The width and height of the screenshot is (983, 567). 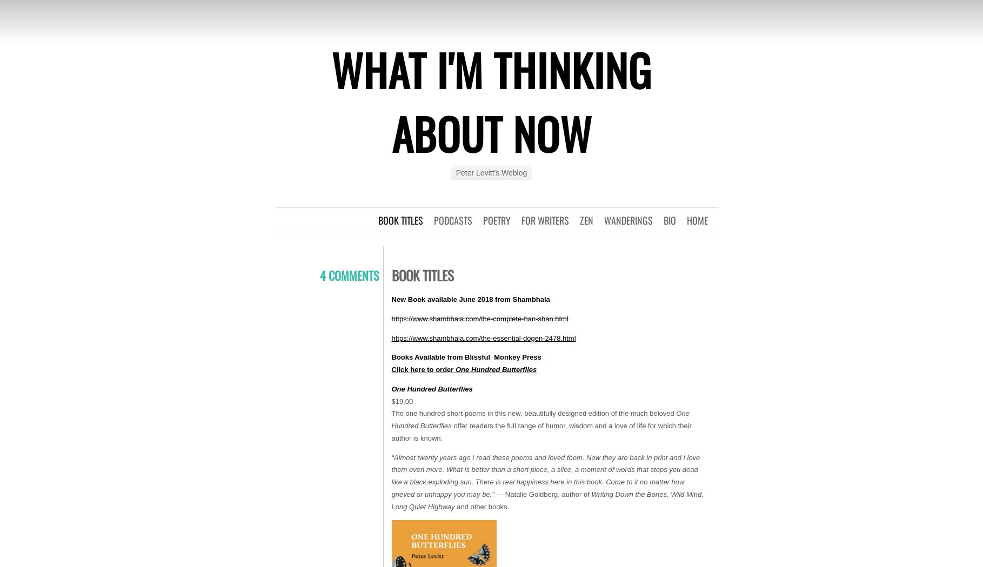 What do you see at coordinates (491, 173) in the screenshot?
I see `'Peter Levitt's Weblog'` at bounding box center [491, 173].